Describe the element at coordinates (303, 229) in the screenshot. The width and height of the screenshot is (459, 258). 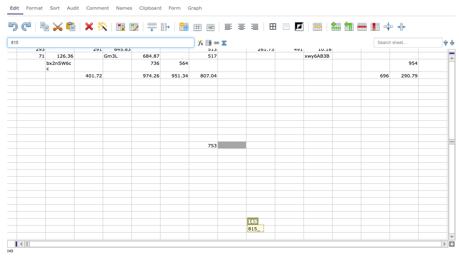
I see `right border of K57` at that location.